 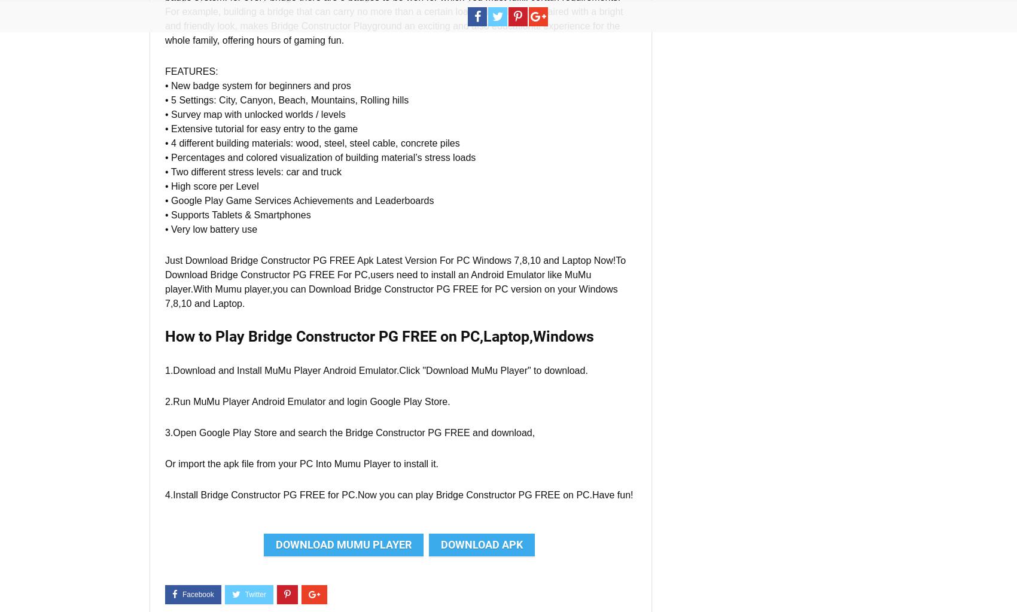 What do you see at coordinates (165, 171) in the screenshot?
I see `'• Two different stress levels: car and truck'` at bounding box center [165, 171].